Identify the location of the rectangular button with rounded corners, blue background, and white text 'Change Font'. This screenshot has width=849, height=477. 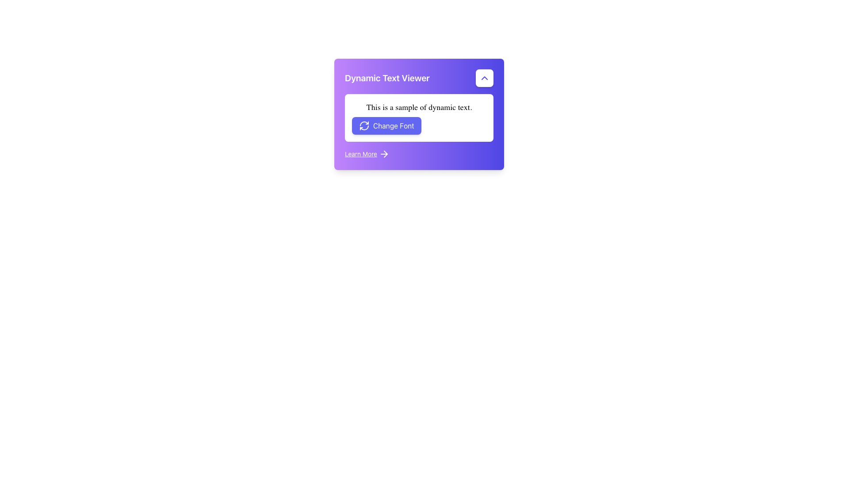
(386, 126).